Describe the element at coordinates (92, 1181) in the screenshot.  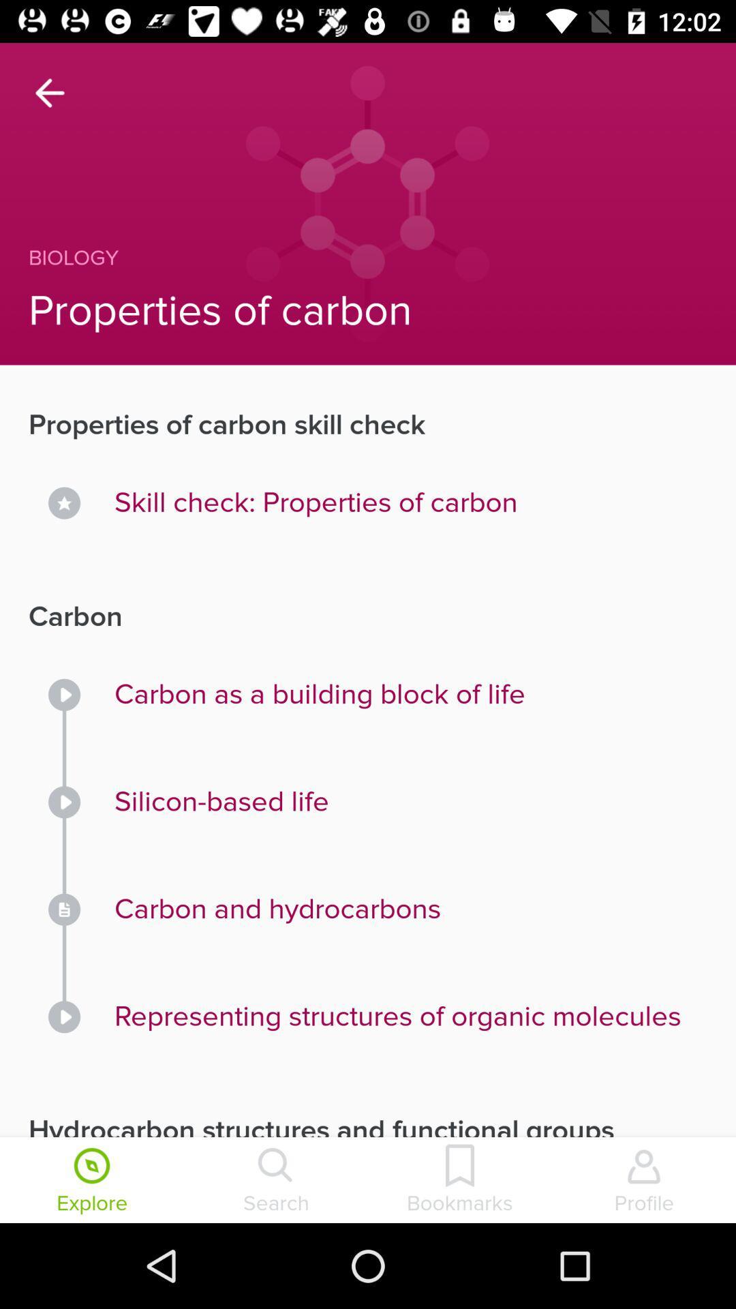
I see `icon to the left of search` at that location.